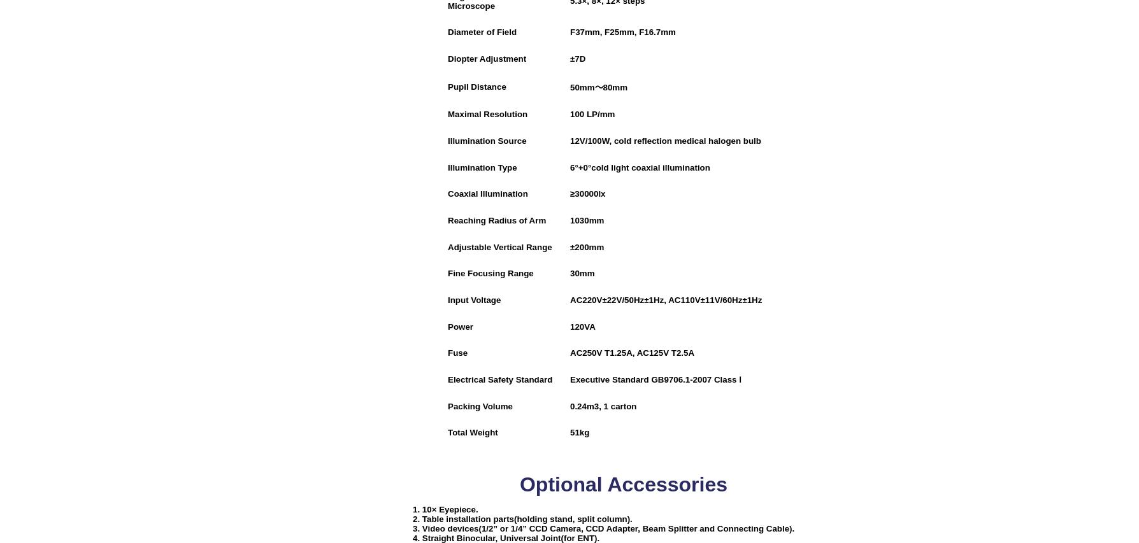  Describe the element at coordinates (479, 405) in the screenshot. I see `'Packing Volume'` at that location.